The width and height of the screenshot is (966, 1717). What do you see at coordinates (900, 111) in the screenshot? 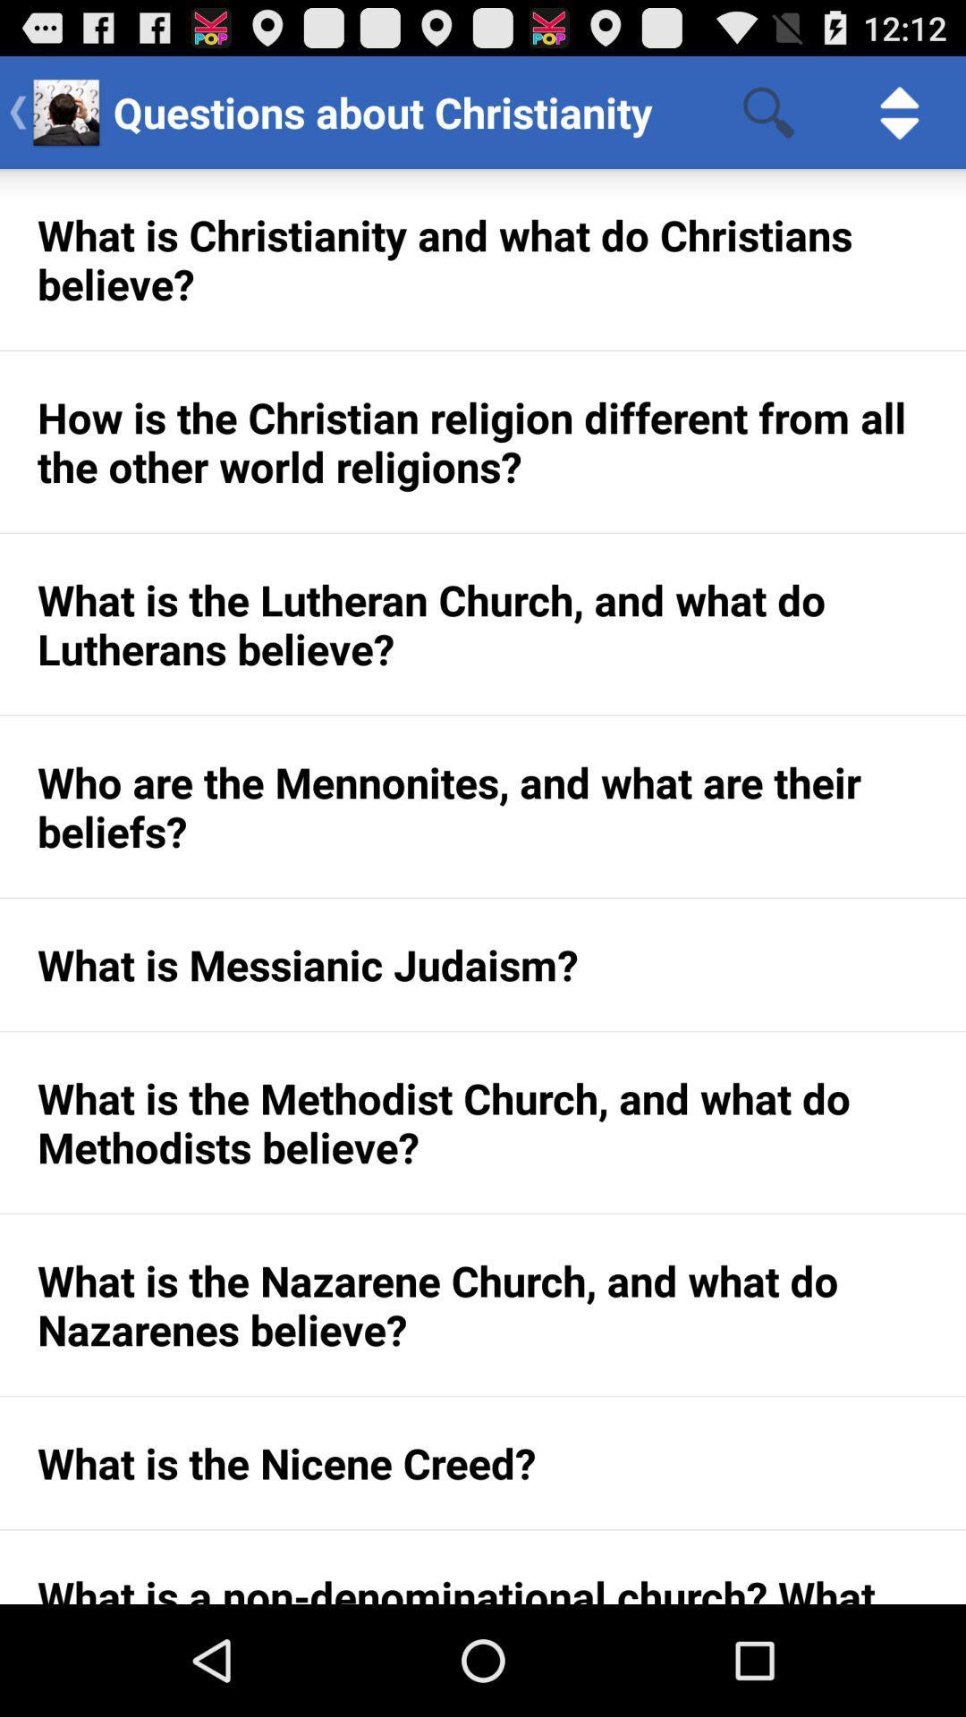
I see `item above what is christianity app` at bounding box center [900, 111].